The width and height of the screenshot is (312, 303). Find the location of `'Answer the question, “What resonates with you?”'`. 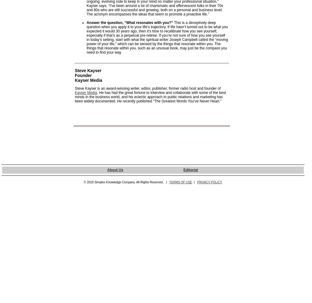

'Answer the question, “What resonates with you?”' is located at coordinates (130, 22).